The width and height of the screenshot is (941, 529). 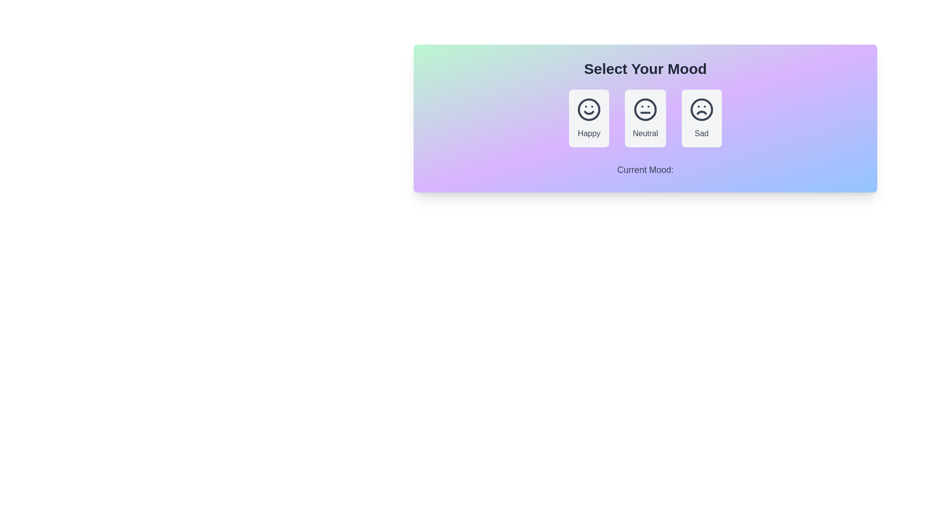 I want to click on the Neutral button to select the corresponding mood, so click(x=645, y=118).